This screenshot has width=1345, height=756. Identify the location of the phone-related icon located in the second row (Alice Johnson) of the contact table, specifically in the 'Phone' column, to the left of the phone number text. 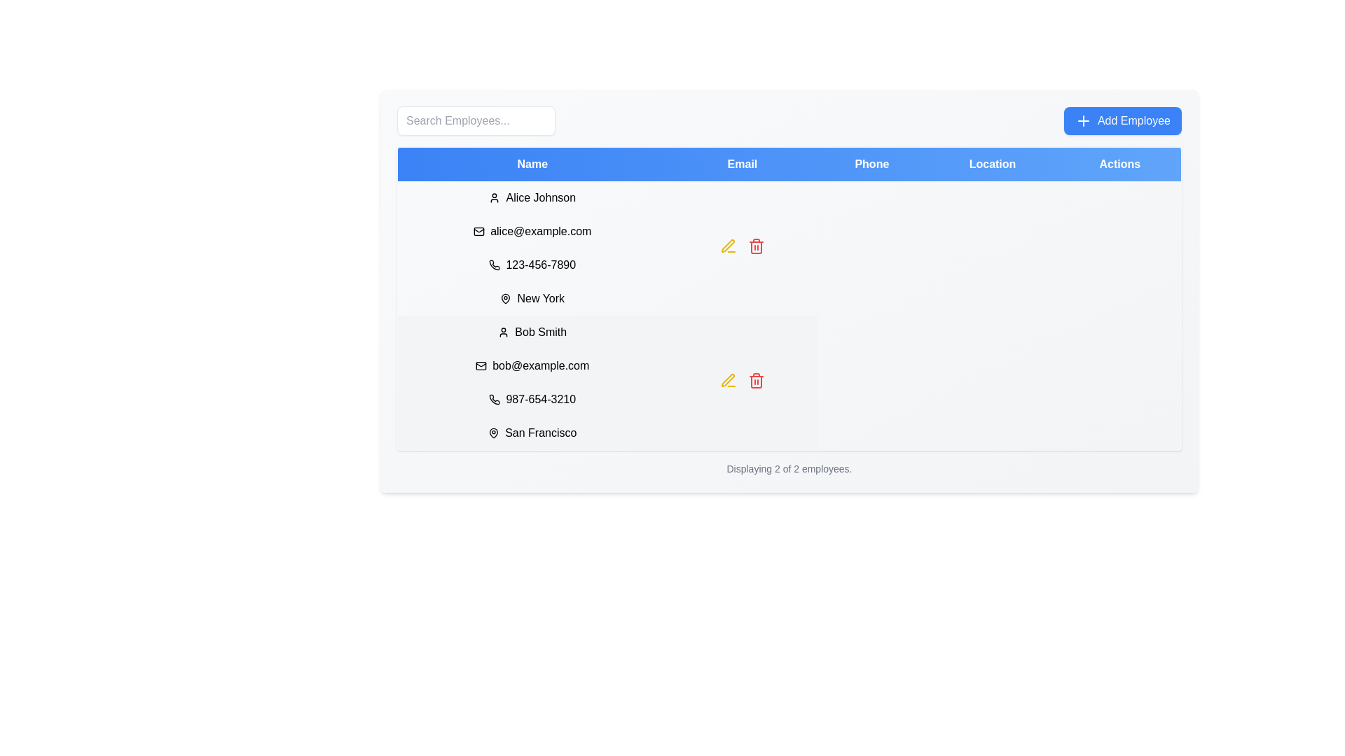
(495, 265).